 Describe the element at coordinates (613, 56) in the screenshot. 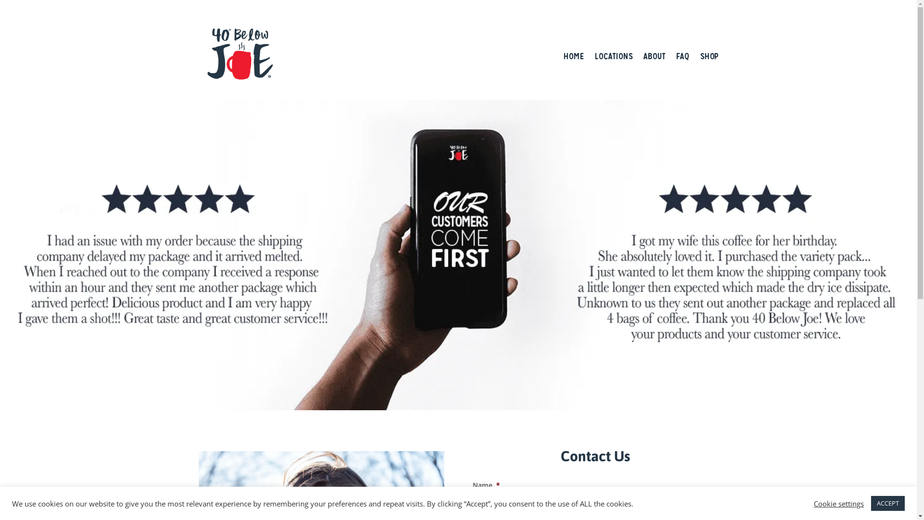

I see `'LOCATIONS'` at that location.